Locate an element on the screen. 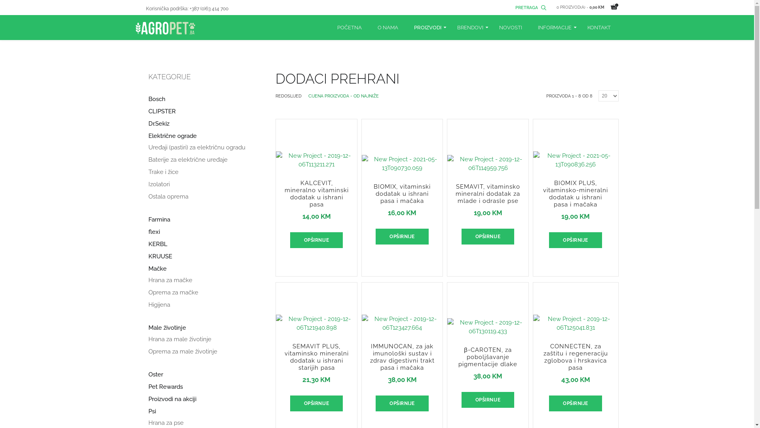 This screenshot has width=760, height=428. 'O NAMA' is located at coordinates (388, 27).